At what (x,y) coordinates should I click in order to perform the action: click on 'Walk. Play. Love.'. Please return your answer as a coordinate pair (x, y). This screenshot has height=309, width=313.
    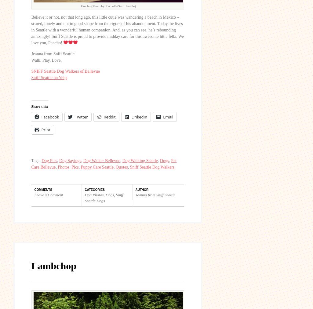
    Looking at the image, I should click on (46, 60).